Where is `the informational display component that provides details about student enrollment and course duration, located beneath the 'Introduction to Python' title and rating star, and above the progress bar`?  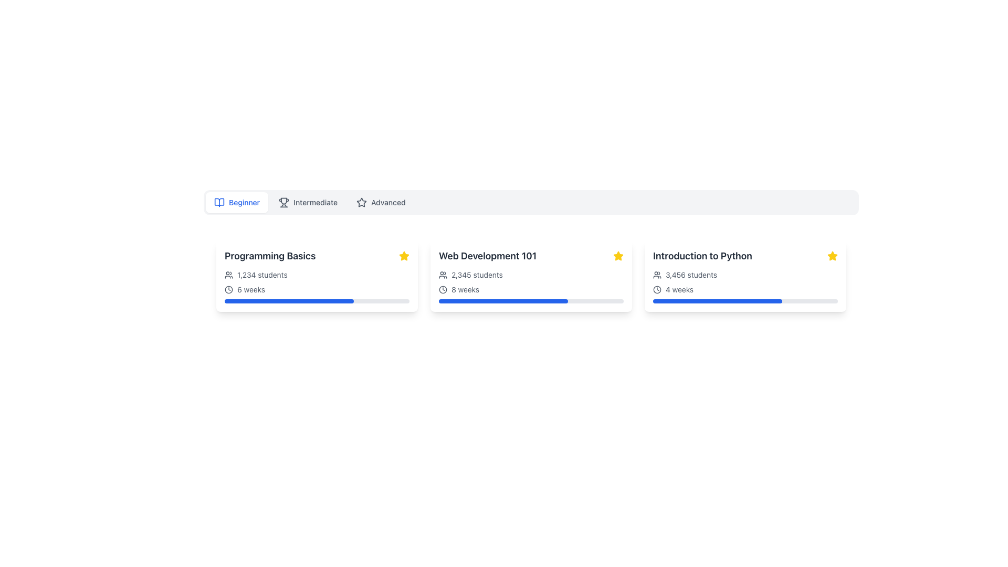 the informational display component that provides details about student enrollment and course duration, located beneath the 'Introduction to Python' title and rating star, and above the progress bar is located at coordinates (745, 287).